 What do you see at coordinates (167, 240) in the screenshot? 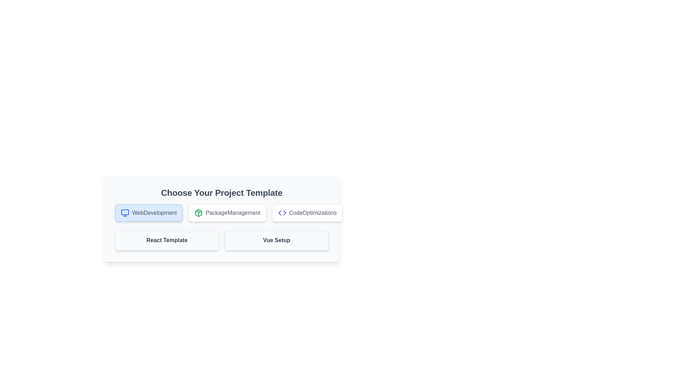
I see `the text label that identifies the associated card within the 'Choose Your Project Template' section, located in the first row, second column of the grid layout` at bounding box center [167, 240].